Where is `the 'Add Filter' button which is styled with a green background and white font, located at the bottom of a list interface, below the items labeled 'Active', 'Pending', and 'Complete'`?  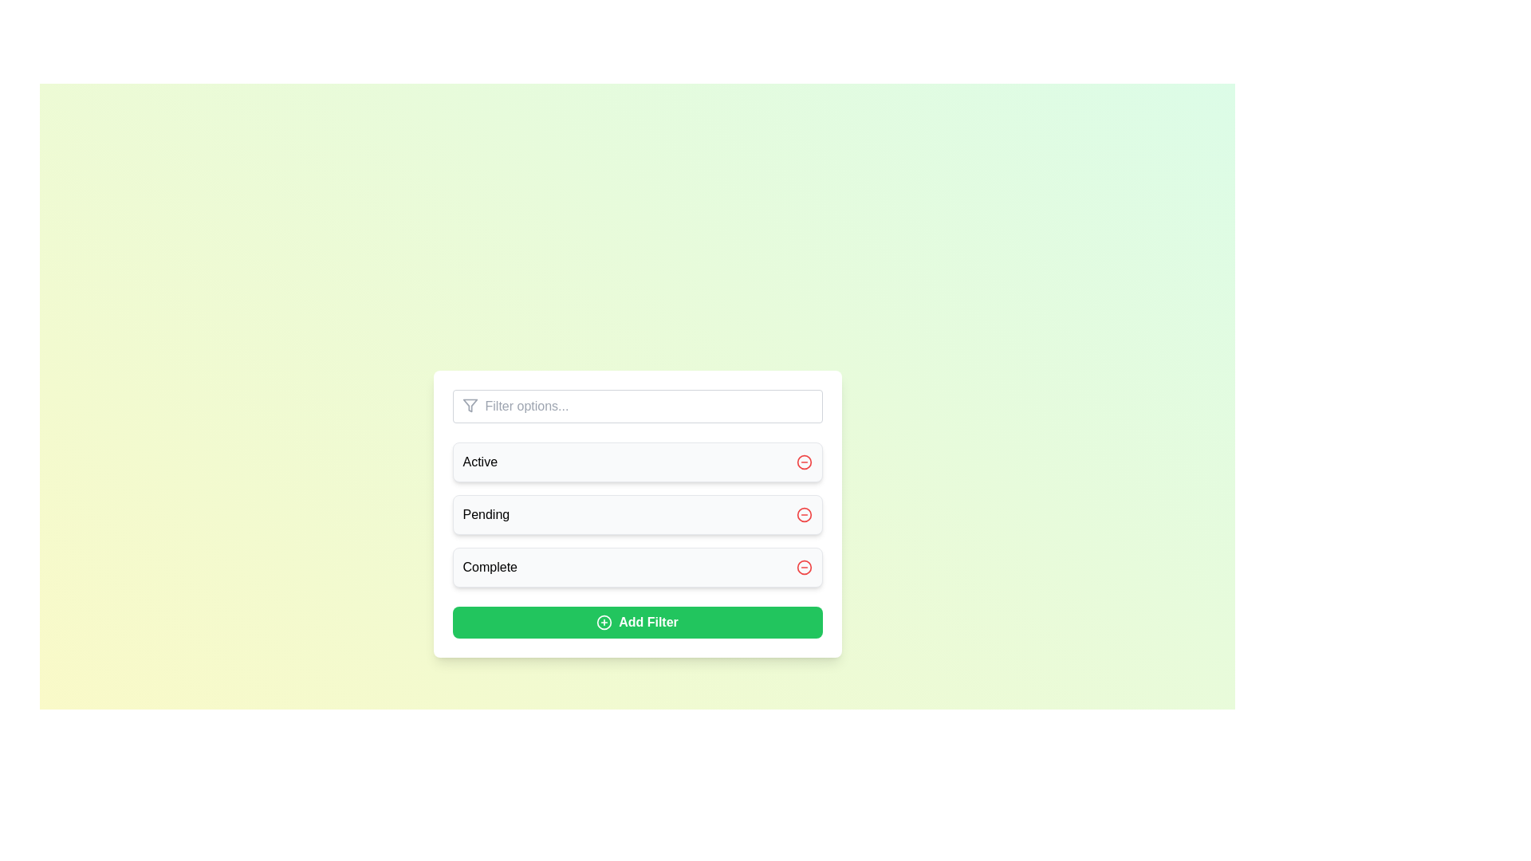
the 'Add Filter' button which is styled with a green background and white font, located at the bottom of a list interface, below the items labeled 'Active', 'Pending', and 'Complete' is located at coordinates (648, 621).